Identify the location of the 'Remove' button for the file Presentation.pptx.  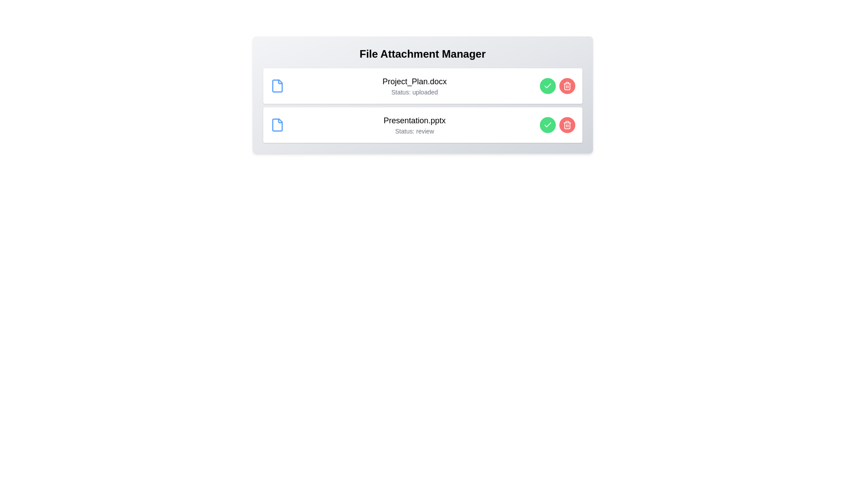
(566, 125).